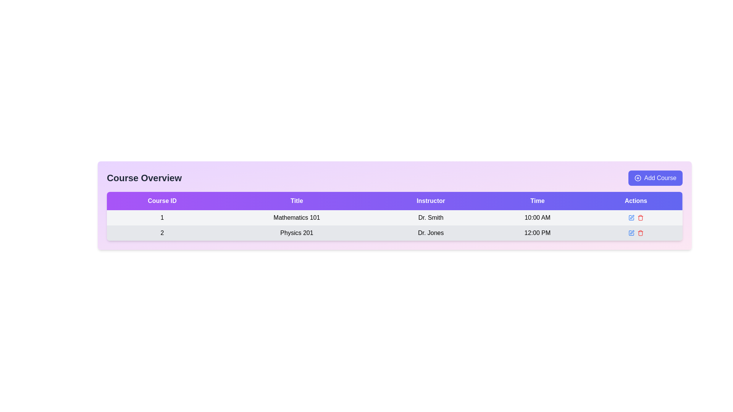 The width and height of the screenshot is (733, 412). What do you see at coordinates (296, 201) in the screenshot?
I see `the 'Title' label, which displays the text in white on a purple background, located in the top header row between the 'Course ID' and 'Instructor' columns` at bounding box center [296, 201].